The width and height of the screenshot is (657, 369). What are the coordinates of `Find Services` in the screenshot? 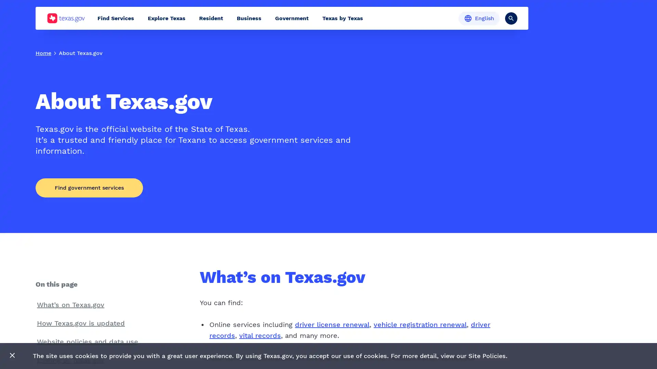 It's located at (116, 18).